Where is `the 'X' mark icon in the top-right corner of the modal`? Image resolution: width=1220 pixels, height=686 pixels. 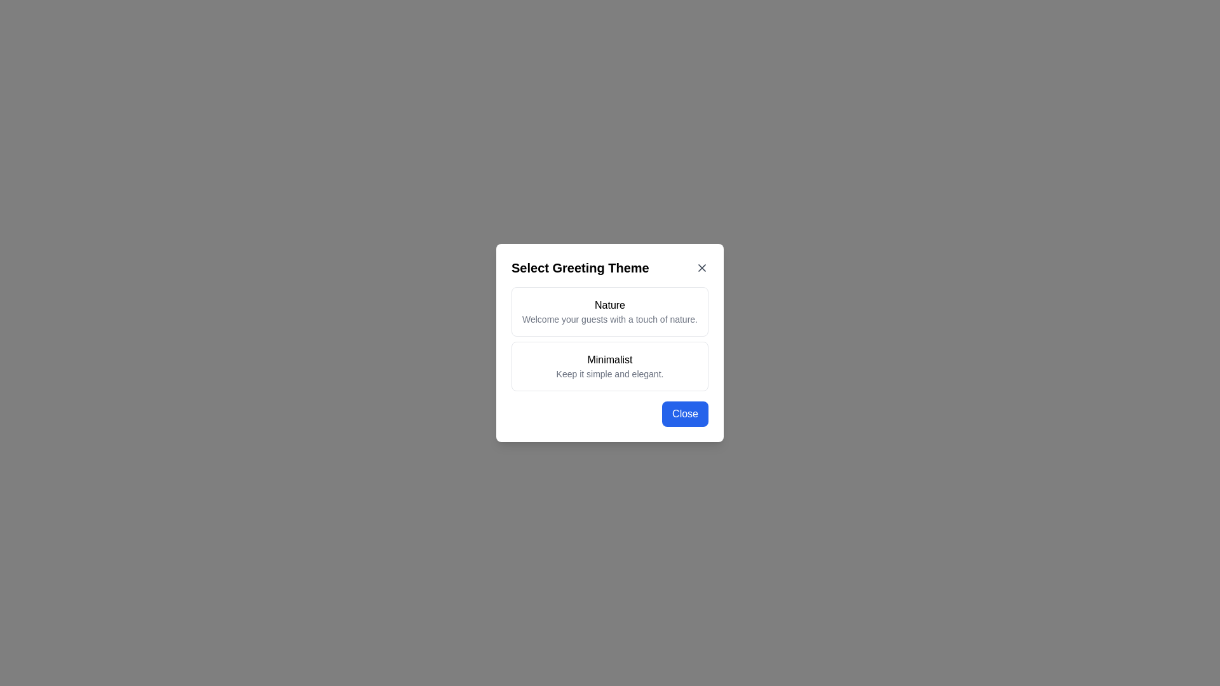
the 'X' mark icon in the top-right corner of the modal is located at coordinates (701, 267).